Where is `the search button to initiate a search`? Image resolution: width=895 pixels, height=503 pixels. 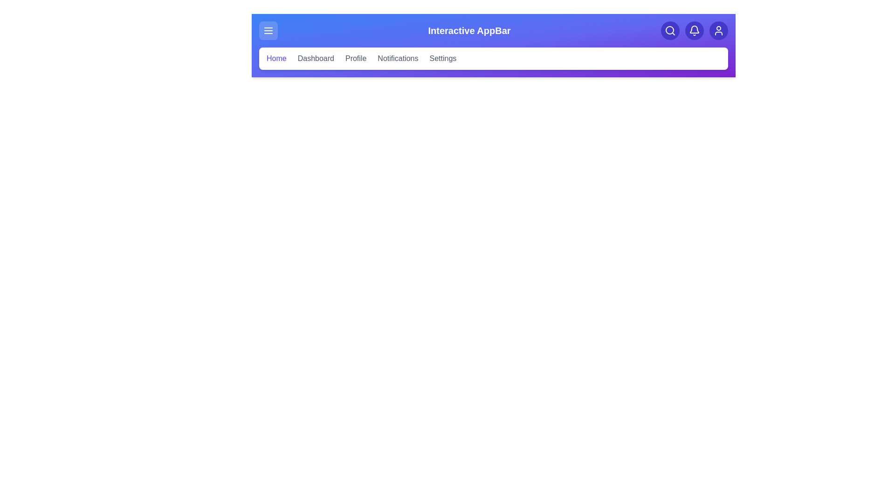
the search button to initiate a search is located at coordinates (670, 30).